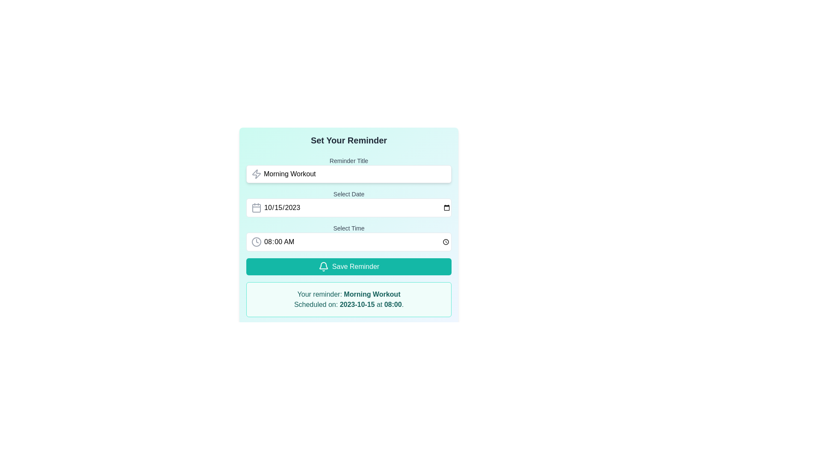 This screenshot has height=461, width=821. Describe the element at coordinates (372, 294) in the screenshot. I see `the text label that displays the reminder title 'Your reminder: Morning Workout Scheduled on: 2023-10-15 at 08:00.' in the confirmation message located at the bottom of the interface` at that location.